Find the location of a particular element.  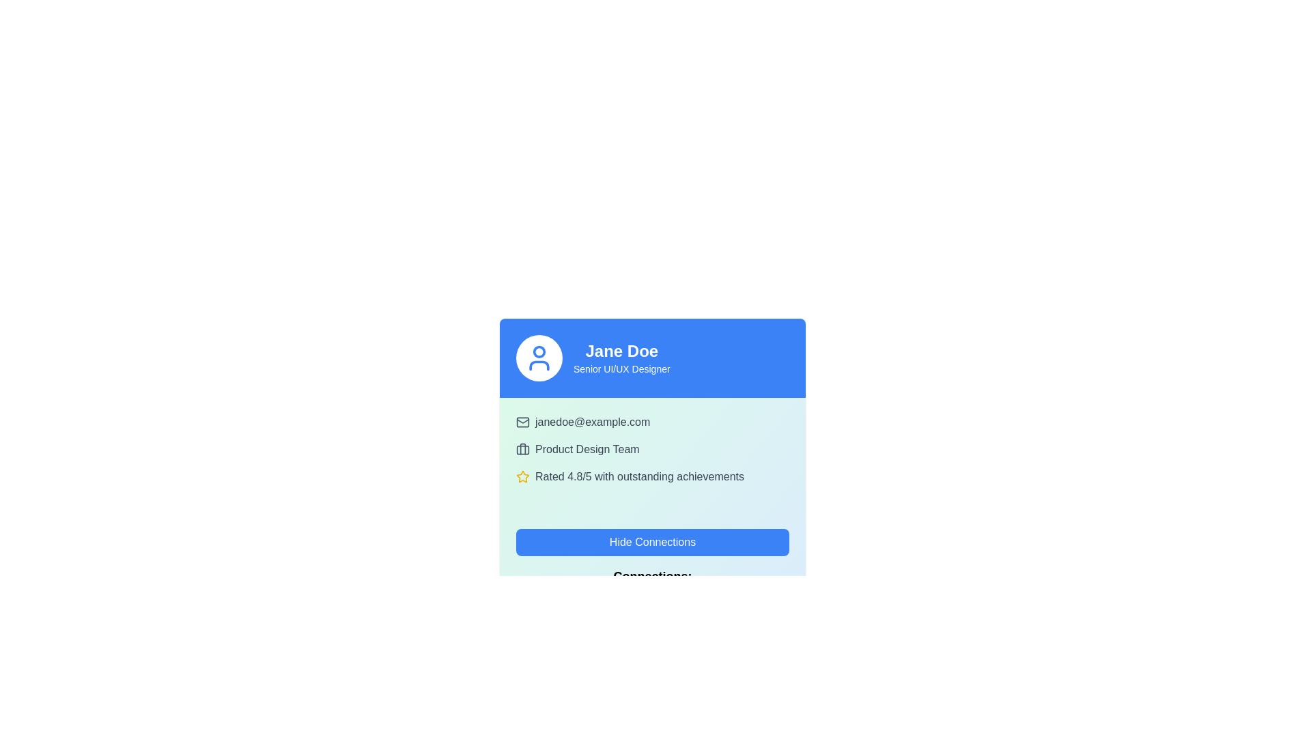

the Static Text Label displaying 'Product Design Team', which is positioned next to a briefcase icon in a horizontal group layout is located at coordinates (587, 450).